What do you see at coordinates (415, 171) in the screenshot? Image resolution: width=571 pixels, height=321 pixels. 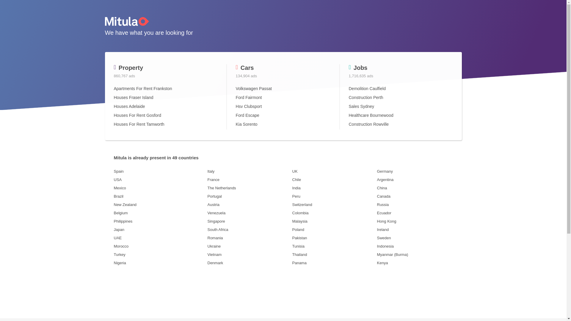 I see `'Germany'` at bounding box center [415, 171].